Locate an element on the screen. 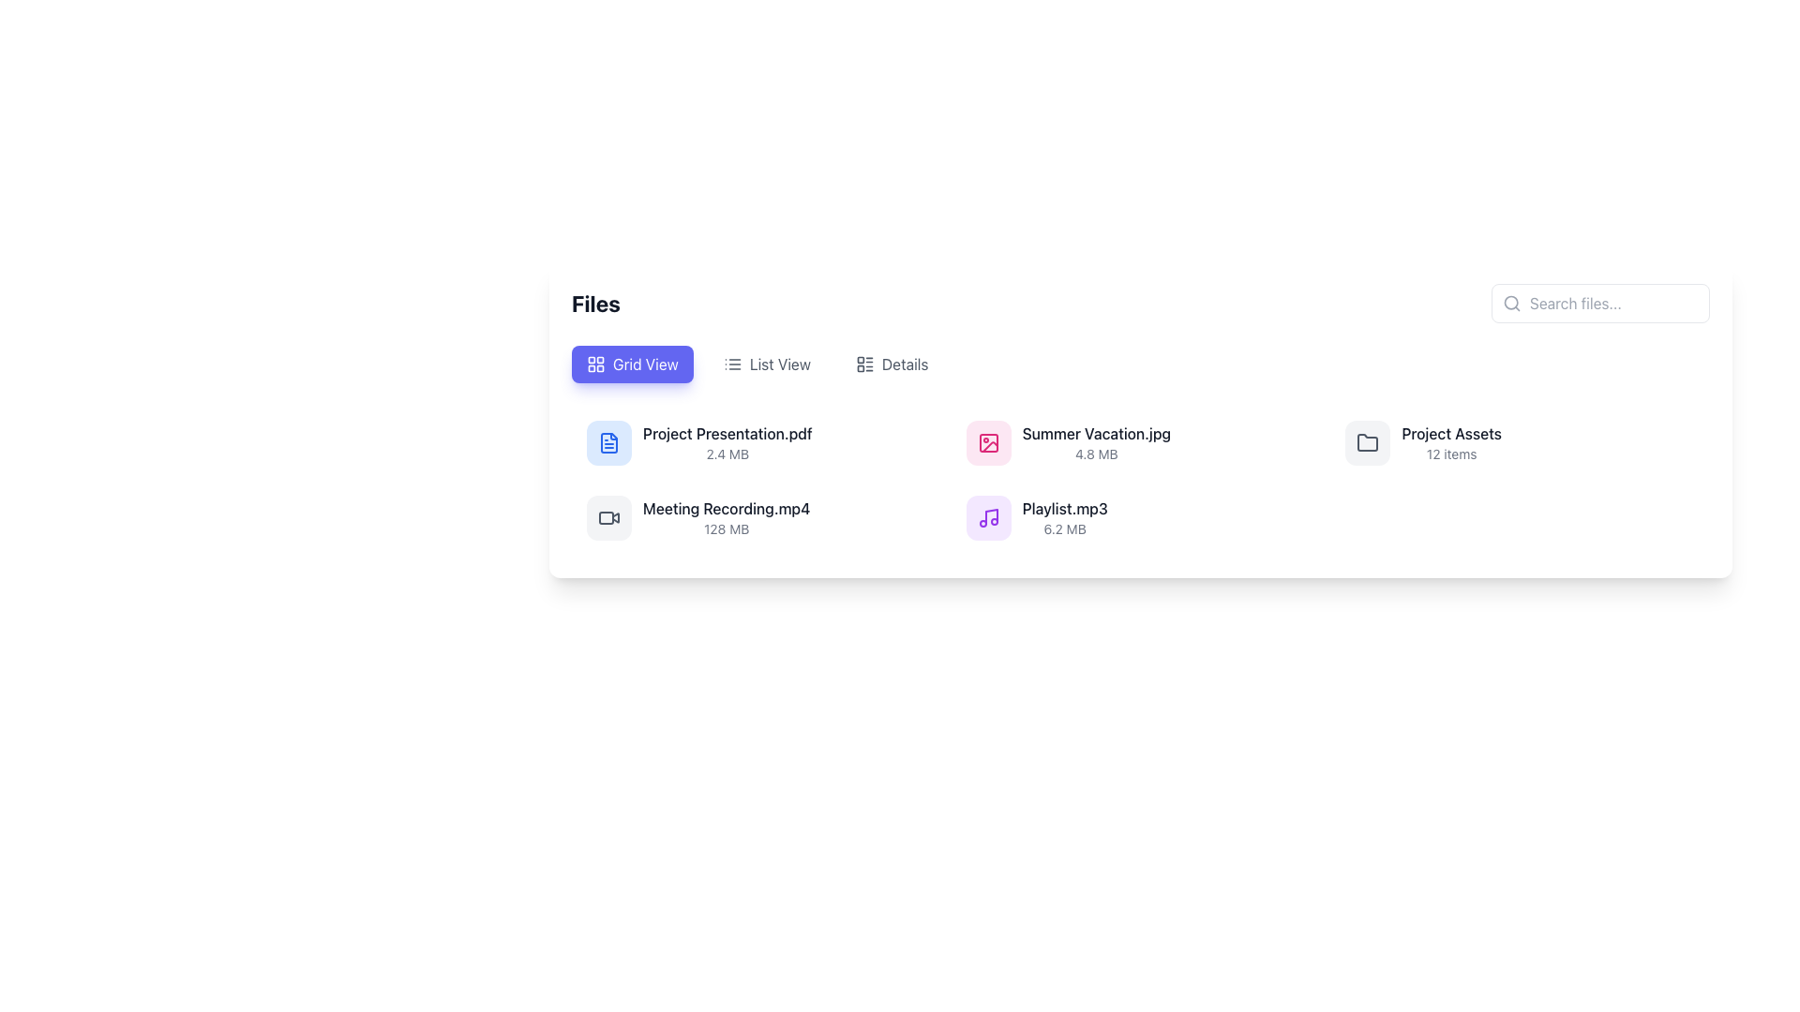 The height and width of the screenshot is (1012, 1800). the 'Meeting Recording.mp4' file item in the grid view is located at coordinates (761, 517).